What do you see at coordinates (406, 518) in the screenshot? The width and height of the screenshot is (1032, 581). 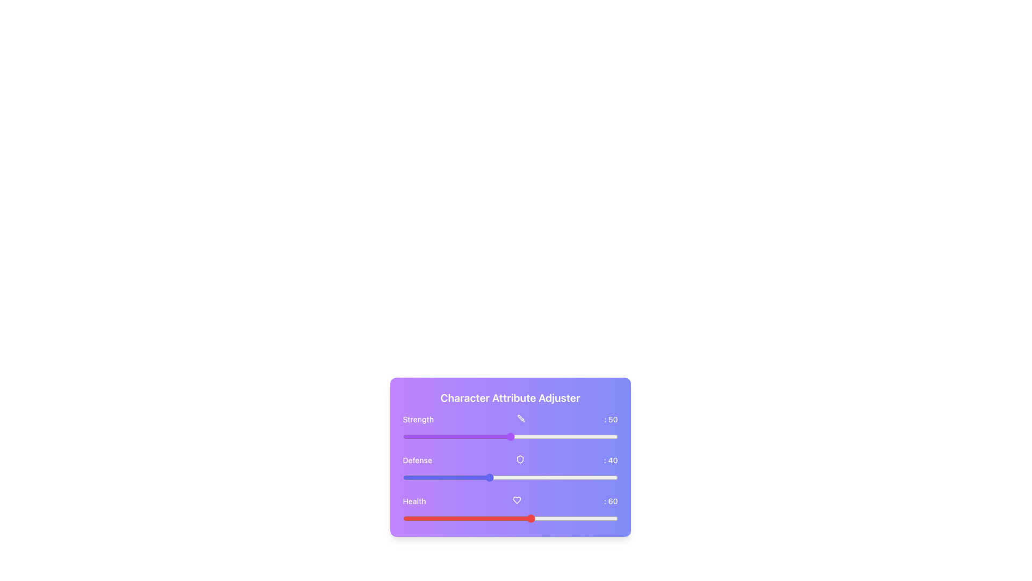 I see `health` at bounding box center [406, 518].